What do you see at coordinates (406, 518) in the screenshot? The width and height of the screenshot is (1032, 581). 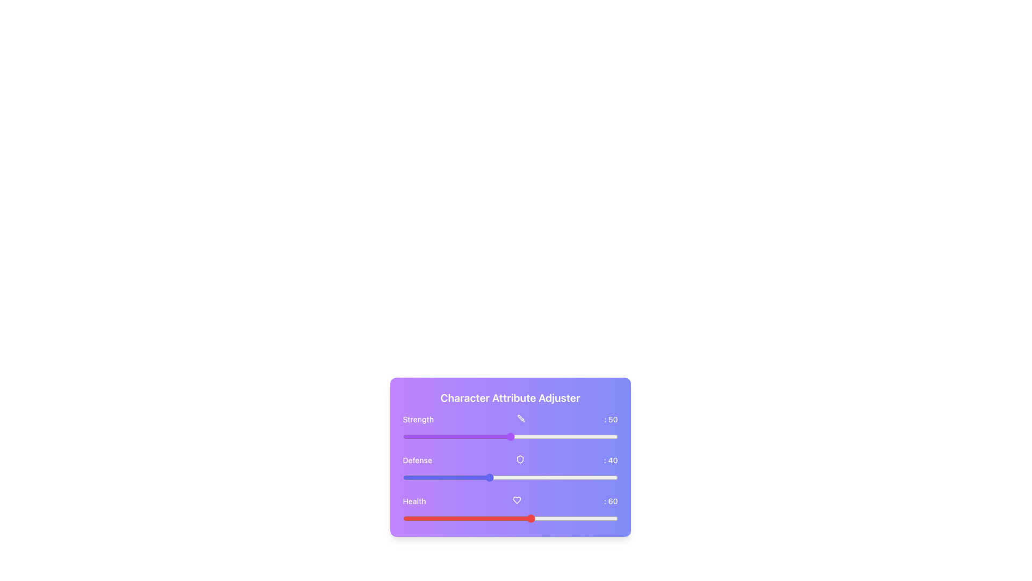 I see `health` at bounding box center [406, 518].